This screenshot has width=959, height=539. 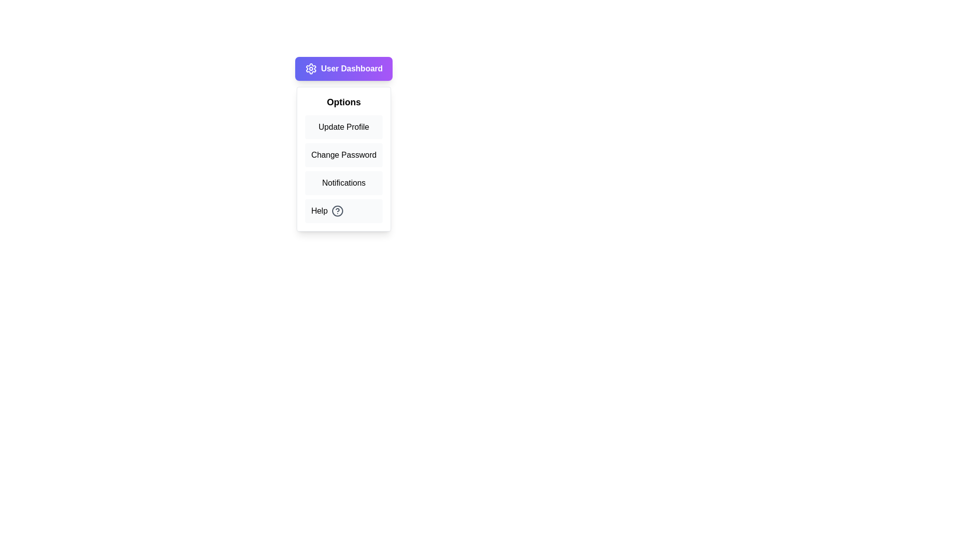 What do you see at coordinates (344, 183) in the screenshot?
I see `the menu item labeled 'Notifications' to visually highlight it` at bounding box center [344, 183].